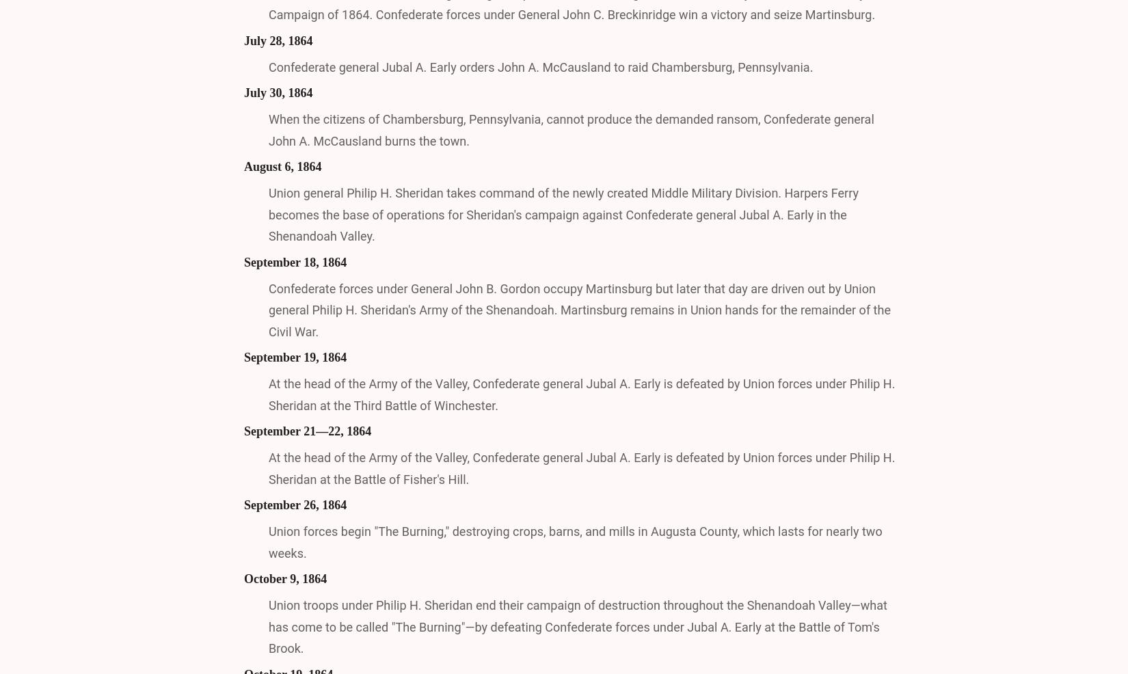 Image resolution: width=1128 pixels, height=674 pixels. I want to click on 'September 18, 1864', so click(294, 260).